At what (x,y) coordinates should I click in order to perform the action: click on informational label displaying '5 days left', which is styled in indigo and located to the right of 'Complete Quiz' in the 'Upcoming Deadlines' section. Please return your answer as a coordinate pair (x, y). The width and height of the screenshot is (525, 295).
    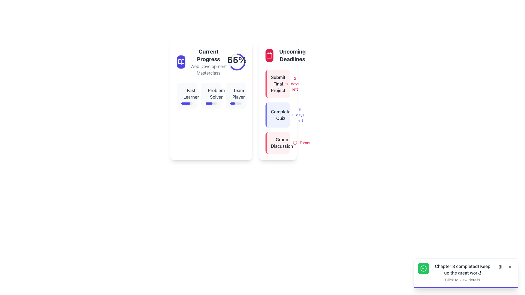
    Looking at the image, I should click on (297, 114).